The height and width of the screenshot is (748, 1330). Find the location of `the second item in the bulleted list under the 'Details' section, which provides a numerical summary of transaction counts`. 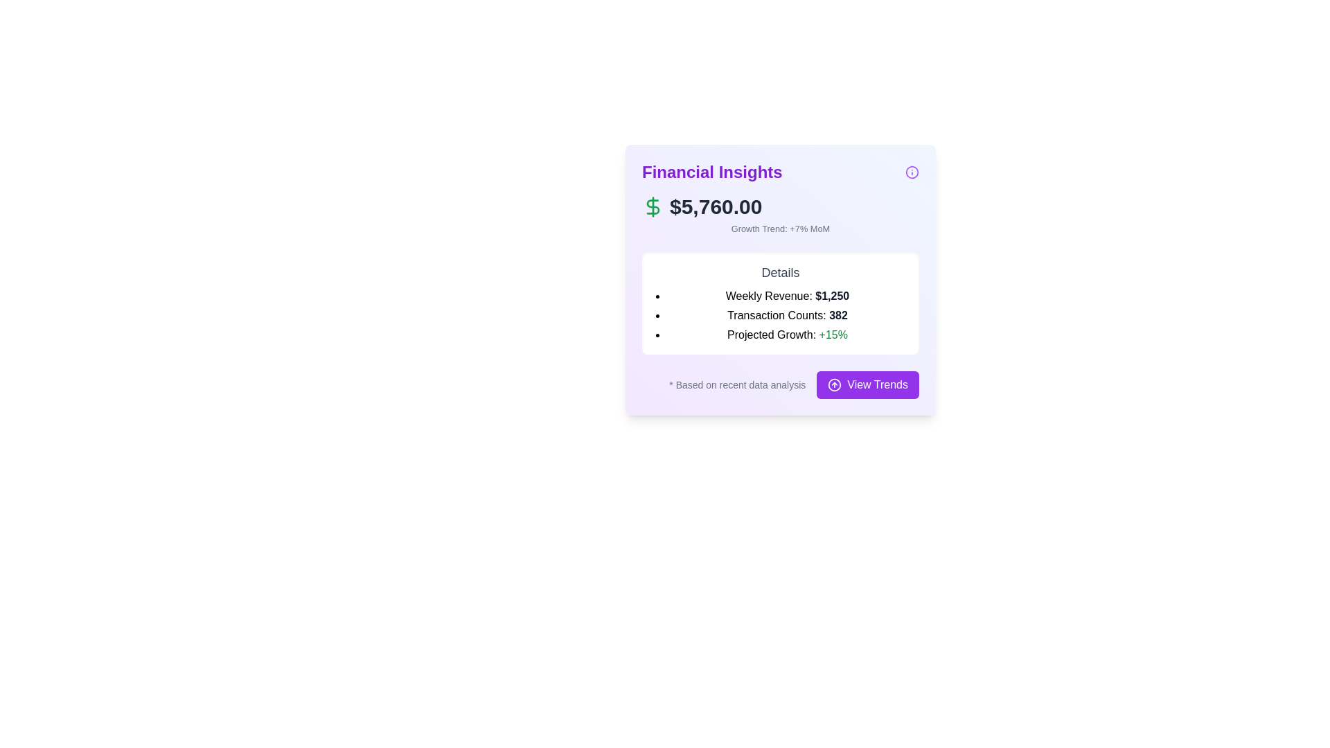

the second item in the bulleted list under the 'Details' section, which provides a numerical summary of transaction counts is located at coordinates (788, 315).